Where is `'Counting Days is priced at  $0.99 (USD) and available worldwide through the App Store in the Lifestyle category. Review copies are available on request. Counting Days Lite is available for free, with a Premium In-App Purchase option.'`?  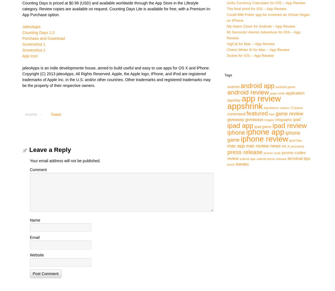 'Counting Days is priced at  $0.99 (USD) and available worldwide through the App Store in the Lifestyle category. Review copies are available on request. Counting Days Lite is available for free, with a Premium In-App Purchase option.' is located at coordinates (116, 8).